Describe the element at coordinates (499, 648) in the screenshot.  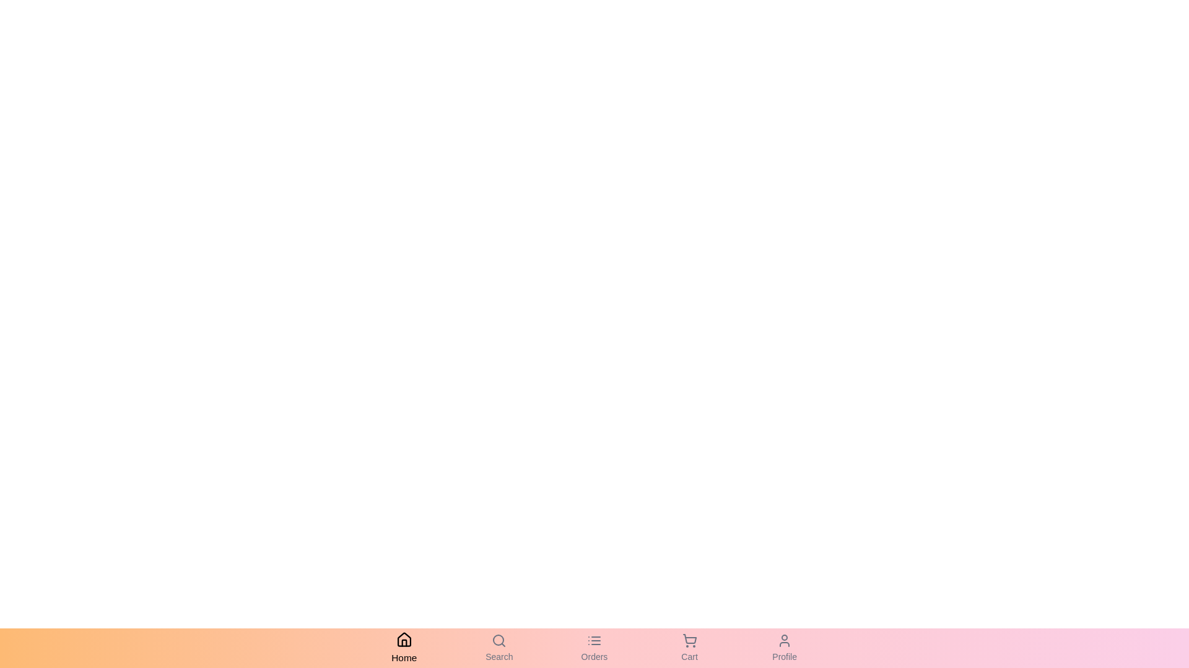
I see `the Search tab by clicking on it` at that location.